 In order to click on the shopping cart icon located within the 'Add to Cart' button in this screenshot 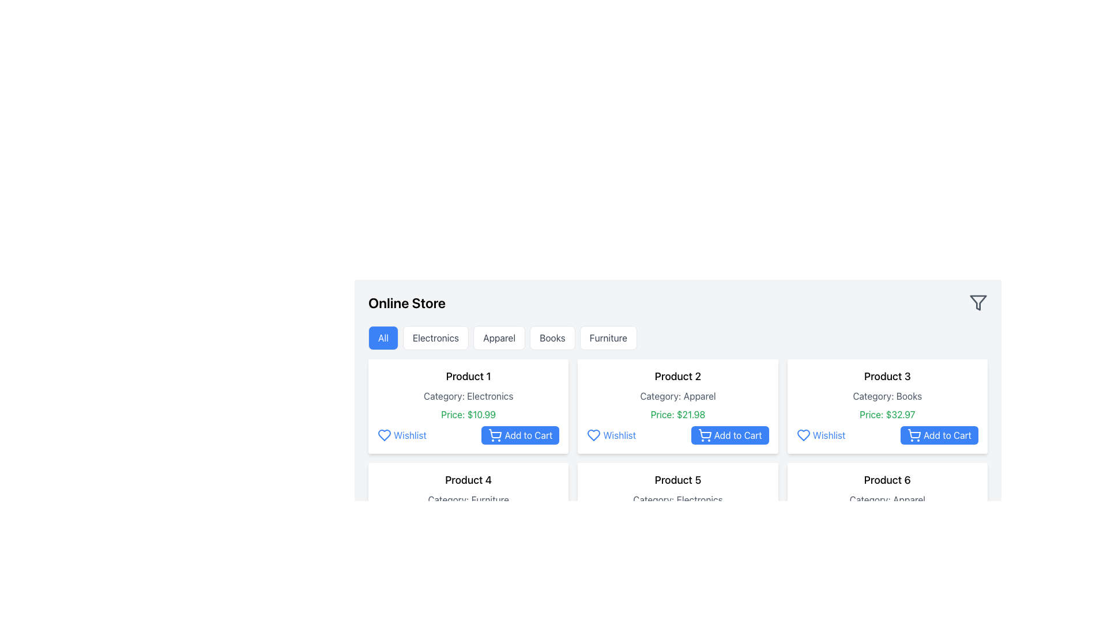, I will do `click(495, 434)`.